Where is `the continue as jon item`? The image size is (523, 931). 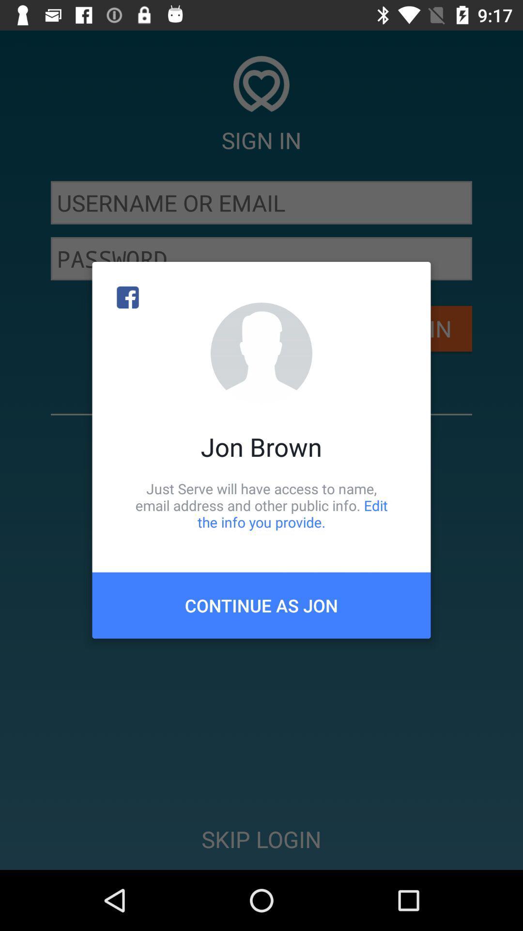
the continue as jon item is located at coordinates (261, 605).